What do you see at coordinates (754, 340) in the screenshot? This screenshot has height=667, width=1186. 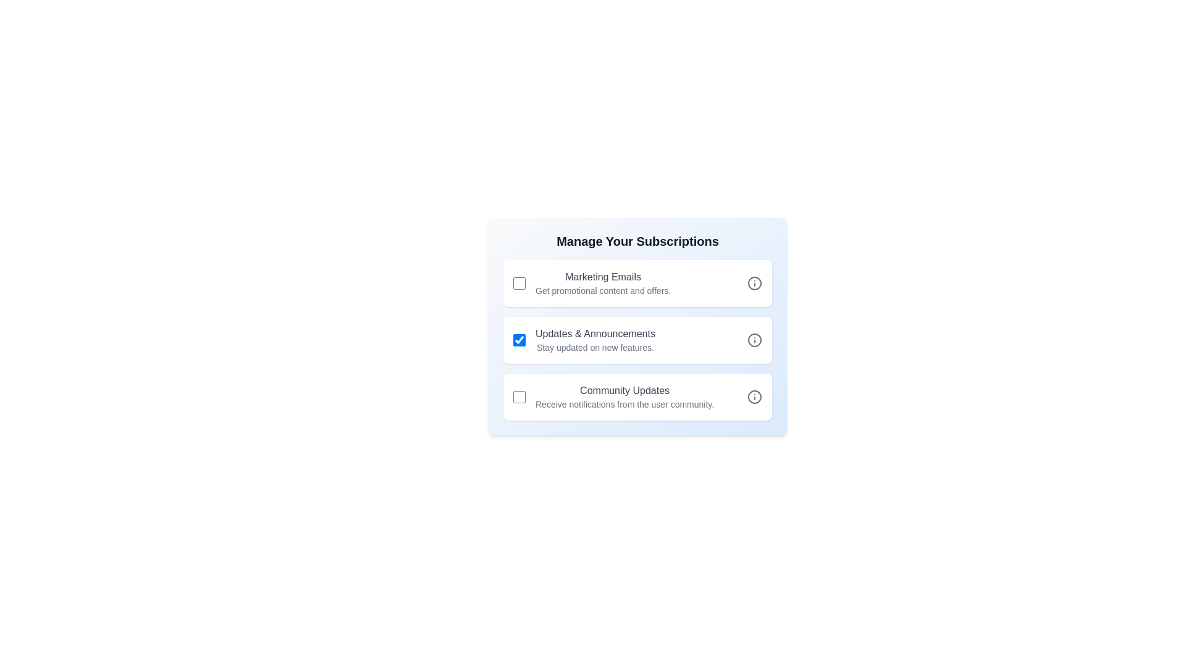 I see `'Info' icon next to 'Updates & Announcements'` at bounding box center [754, 340].